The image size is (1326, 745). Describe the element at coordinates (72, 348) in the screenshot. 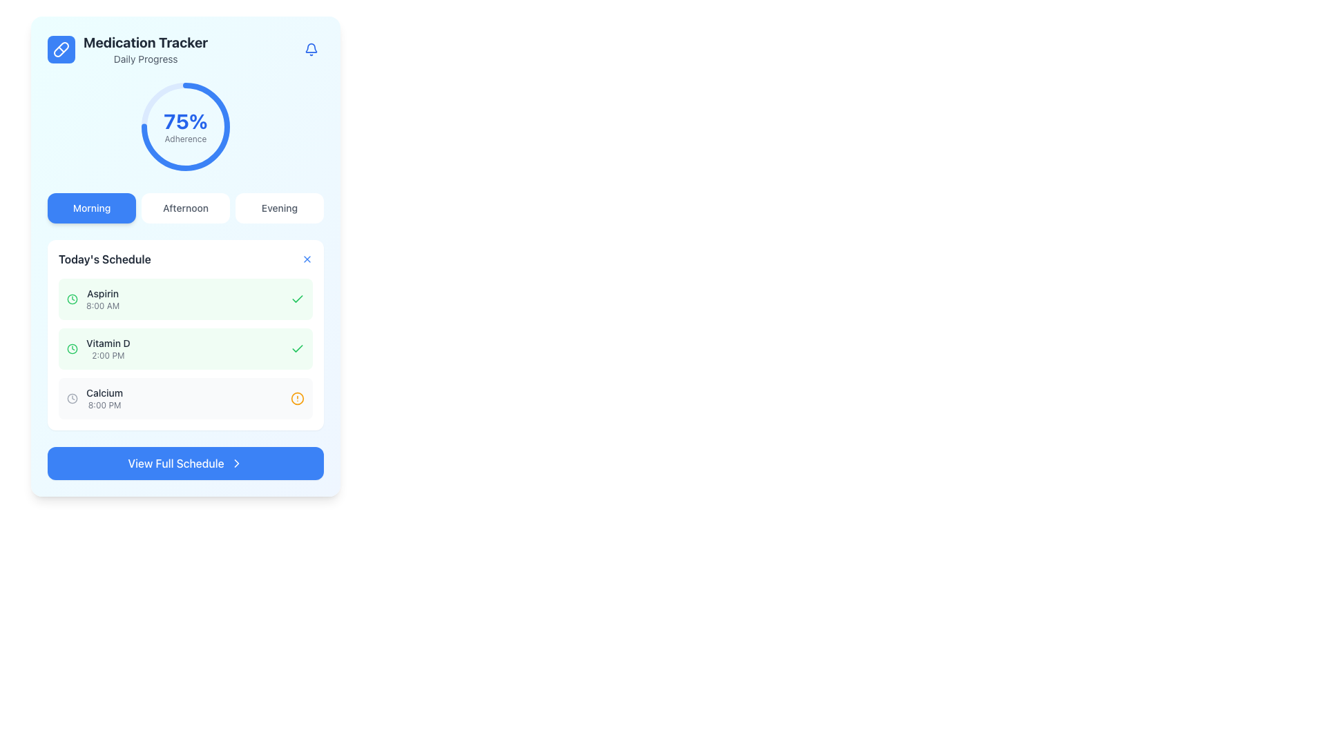

I see `the circular status indicator within the SVG graphic for the 'Calcium 8:00 PM' item in the 'Today's Schedule' section` at that location.